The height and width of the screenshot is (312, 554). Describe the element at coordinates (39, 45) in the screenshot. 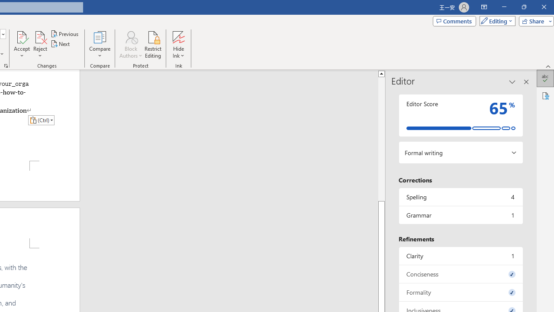

I see `'Reject'` at that location.